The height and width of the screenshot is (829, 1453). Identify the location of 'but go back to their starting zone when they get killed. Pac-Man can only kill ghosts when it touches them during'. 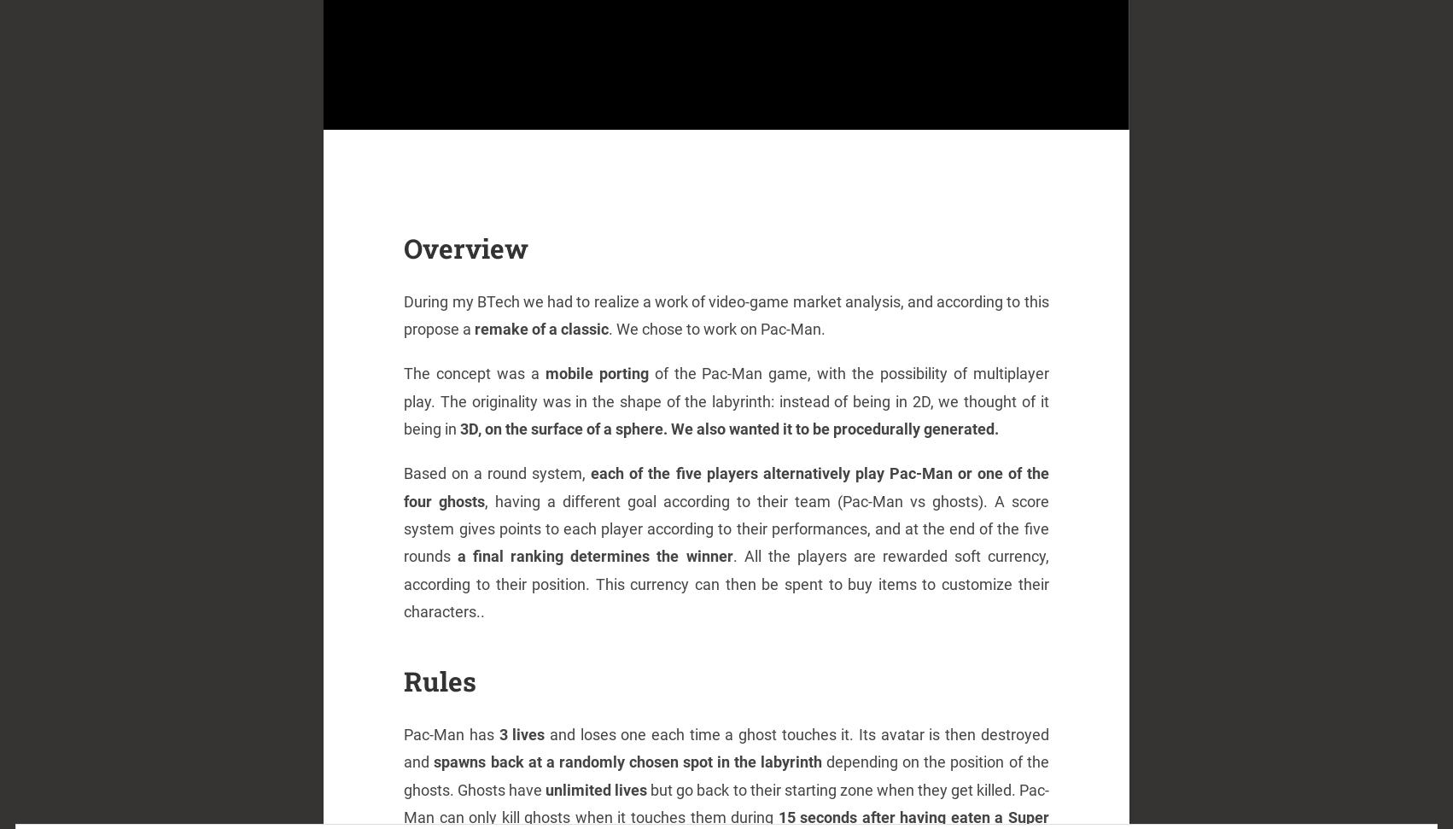
(402, 802).